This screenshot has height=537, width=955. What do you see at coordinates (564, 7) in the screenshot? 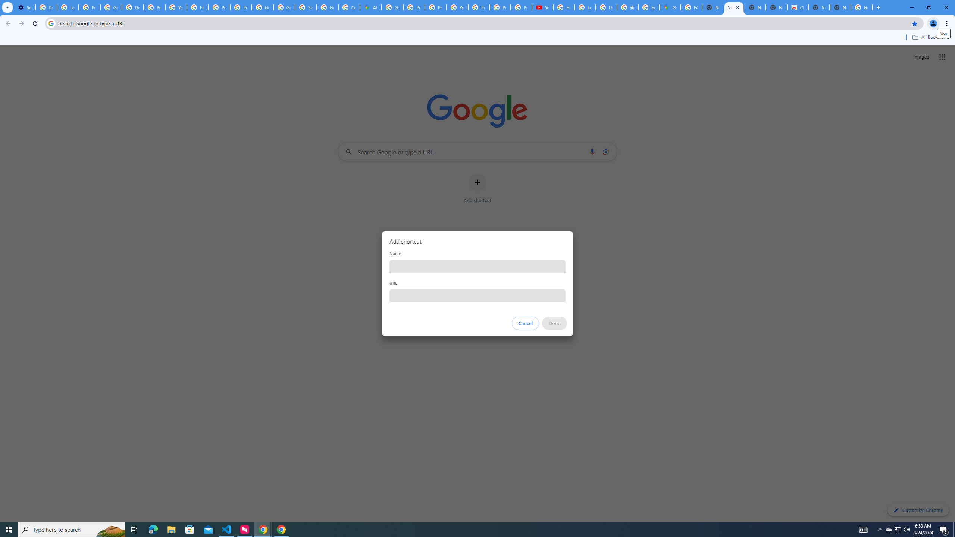
I see `'How Chrome protects your passwords - Google Chrome Help'` at bounding box center [564, 7].